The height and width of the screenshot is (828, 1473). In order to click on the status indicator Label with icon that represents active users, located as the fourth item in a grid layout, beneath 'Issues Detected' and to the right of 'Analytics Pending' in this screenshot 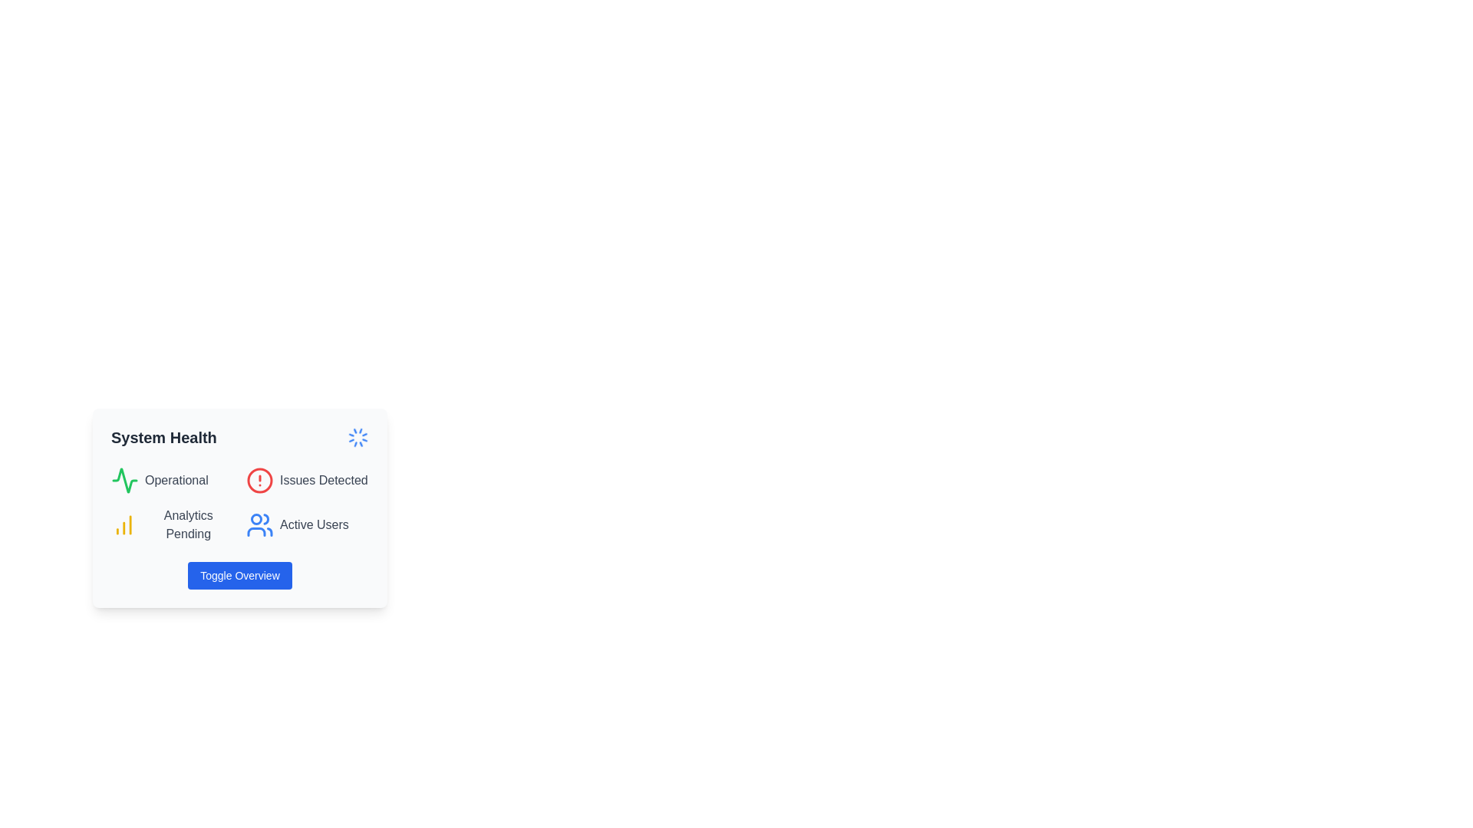, I will do `click(307, 524)`.